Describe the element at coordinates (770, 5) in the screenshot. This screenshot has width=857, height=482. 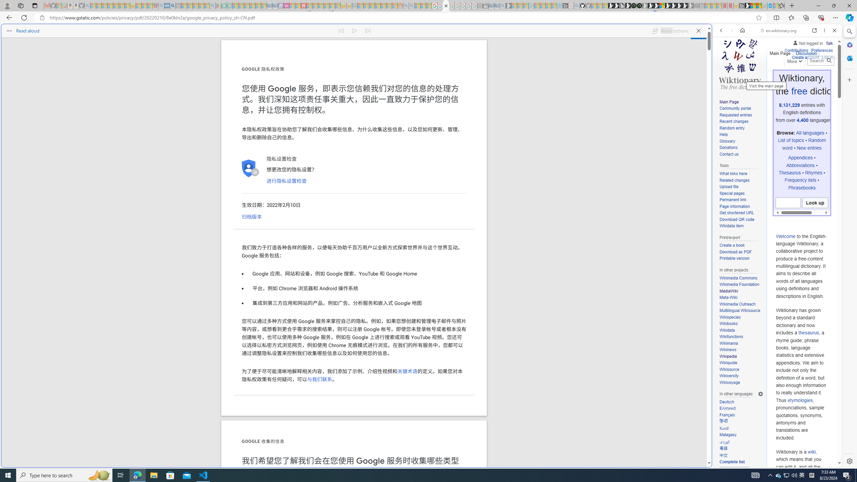
I see `'Services - Maintenance | Sky Blue Bikes - Sky Blue Bikes'` at that location.